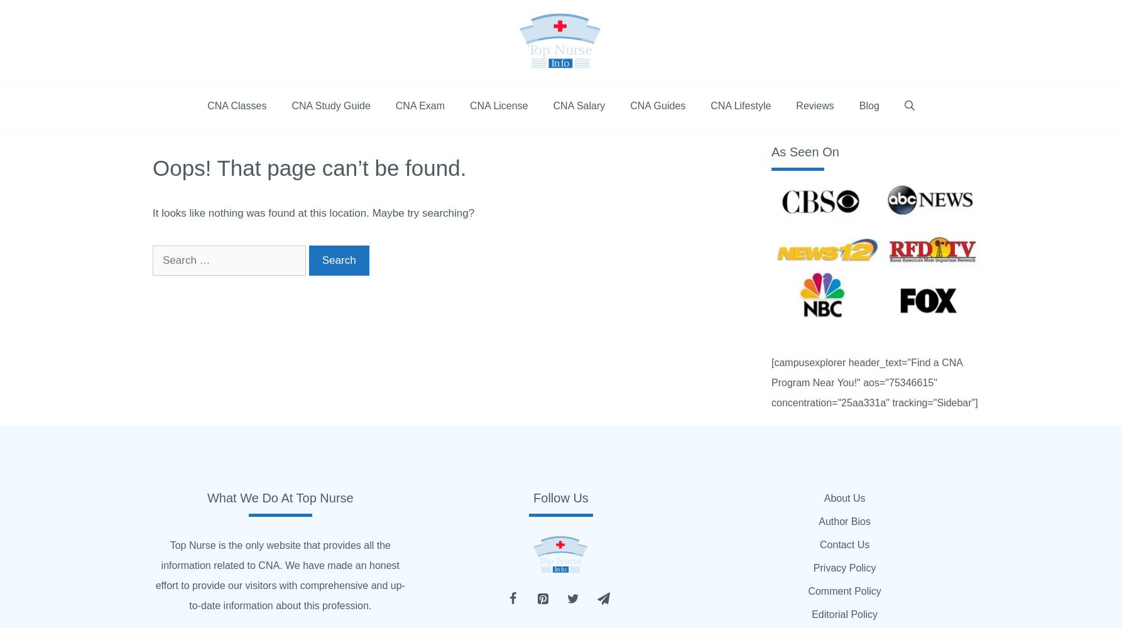 This screenshot has width=1122, height=628. Describe the element at coordinates (795, 106) in the screenshot. I see `'Reviews'` at that location.